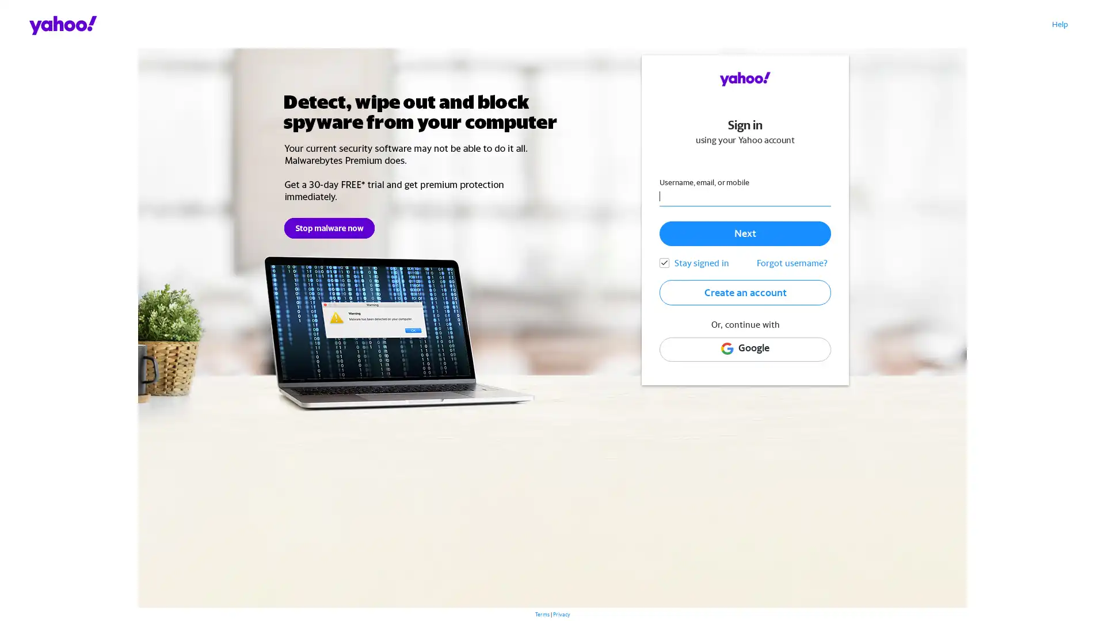  I want to click on Create an account, so click(745, 292).